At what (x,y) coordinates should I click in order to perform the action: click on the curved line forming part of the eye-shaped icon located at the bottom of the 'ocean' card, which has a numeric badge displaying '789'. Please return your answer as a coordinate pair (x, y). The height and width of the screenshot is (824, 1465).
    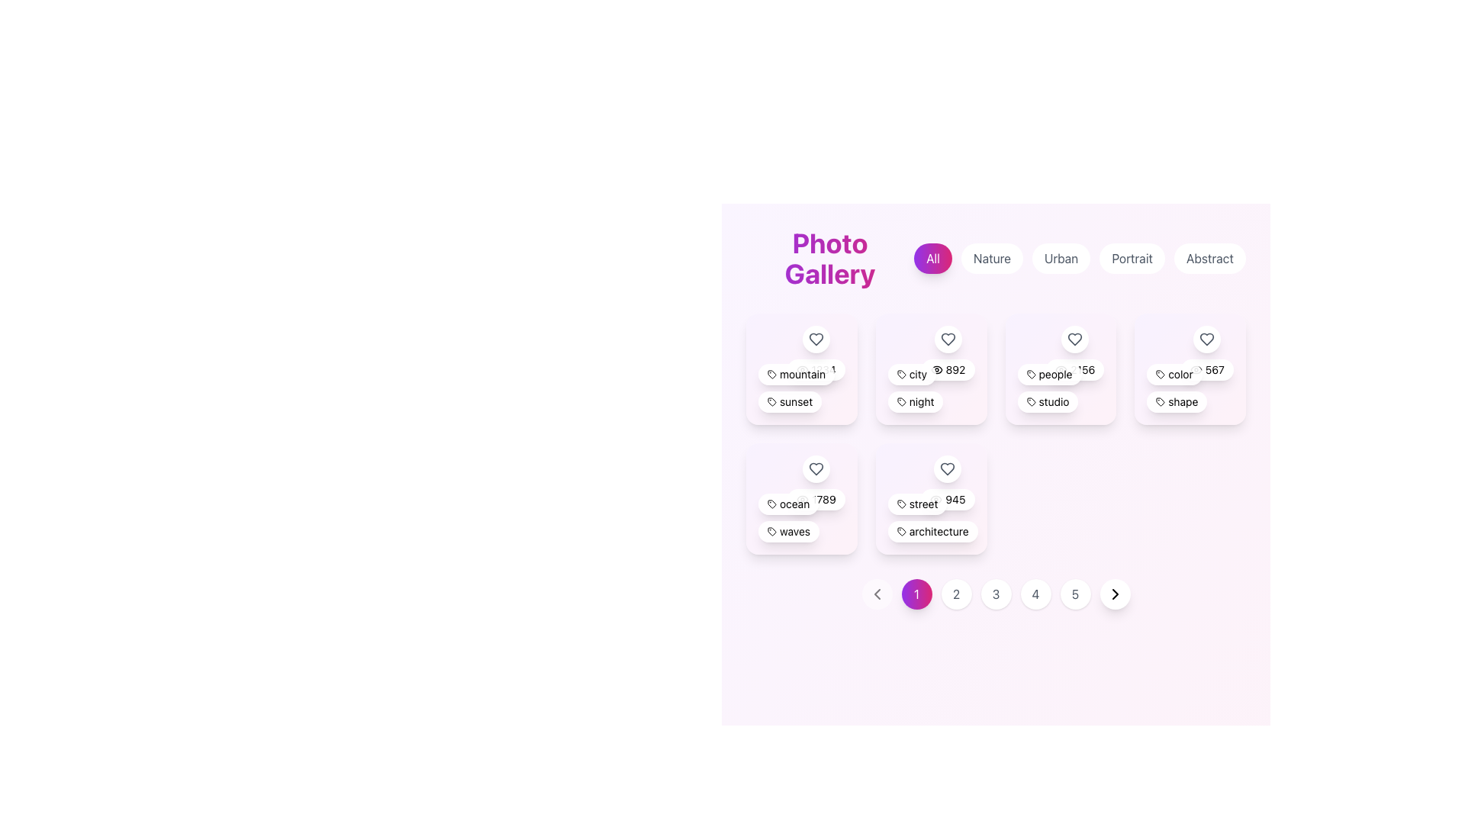
    Looking at the image, I should click on (802, 499).